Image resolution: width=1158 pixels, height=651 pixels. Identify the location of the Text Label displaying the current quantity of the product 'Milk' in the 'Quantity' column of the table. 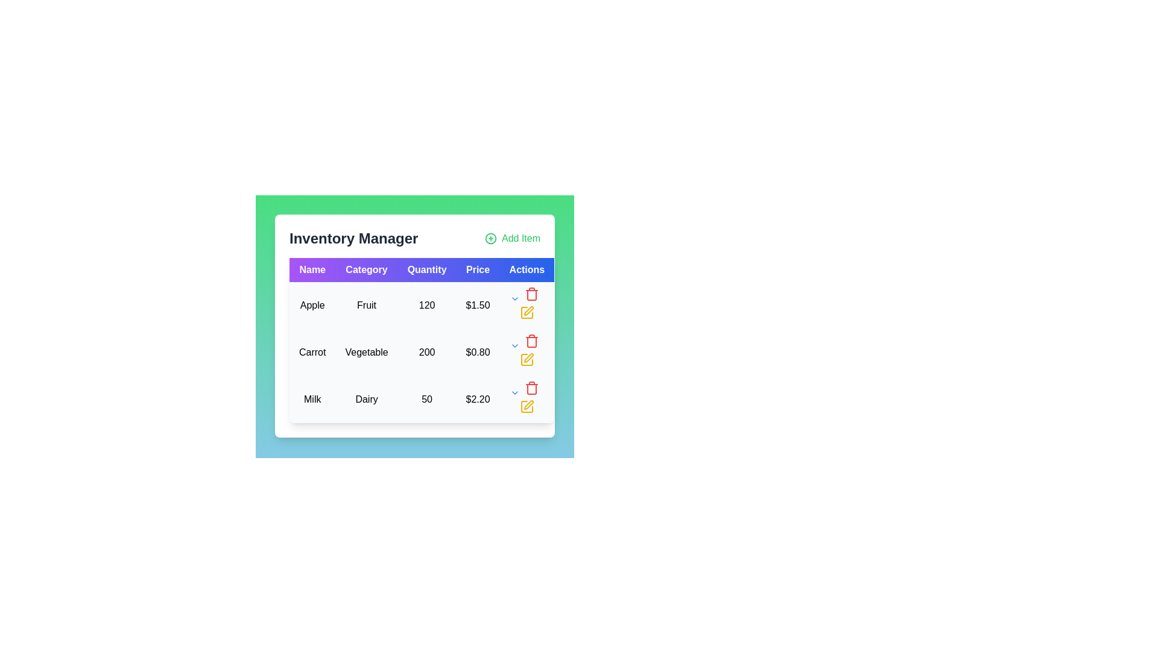
(427, 400).